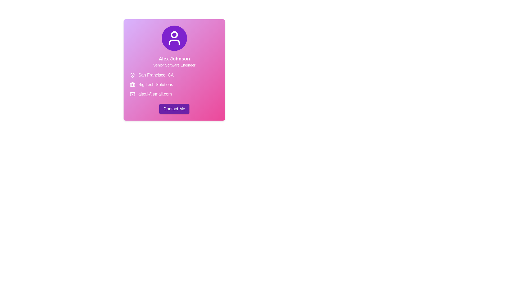 Image resolution: width=508 pixels, height=285 pixels. Describe the element at coordinates (174, 59) in the screenshot. I see `the text label displaying 'Alex Johnson', which is styled prominently in white on a gradient pink and purple background, located above the job title 'Senior Software Engineer'` at that location.